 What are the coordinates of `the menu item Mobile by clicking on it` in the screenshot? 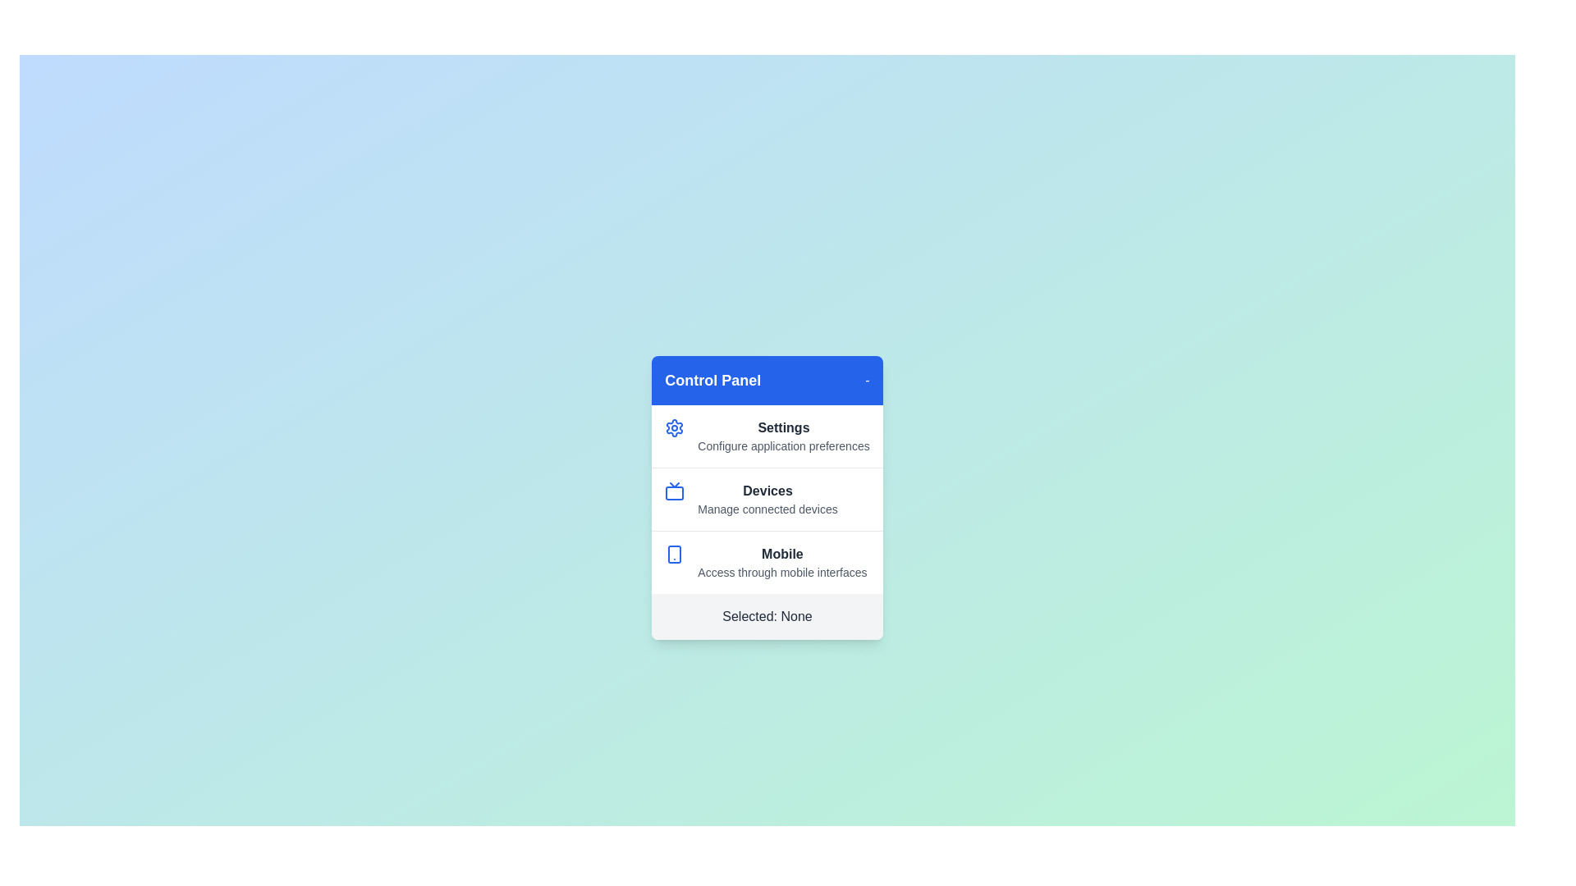 It's located at (767, 561).